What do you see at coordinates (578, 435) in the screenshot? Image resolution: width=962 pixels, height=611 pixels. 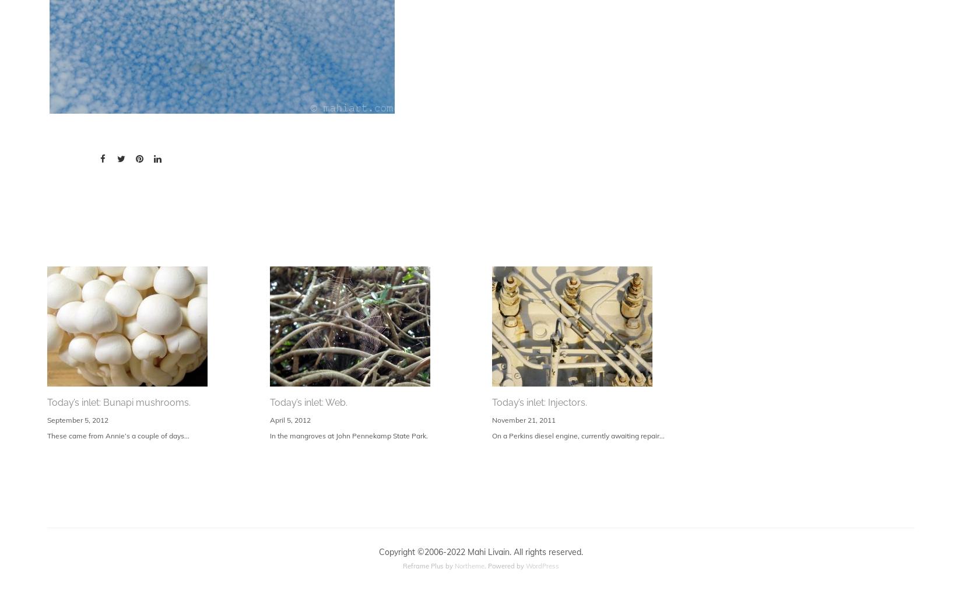 I see `'On a Perkins diesel engine, currently awaiting repair...'` at bounding box center [578, 435].